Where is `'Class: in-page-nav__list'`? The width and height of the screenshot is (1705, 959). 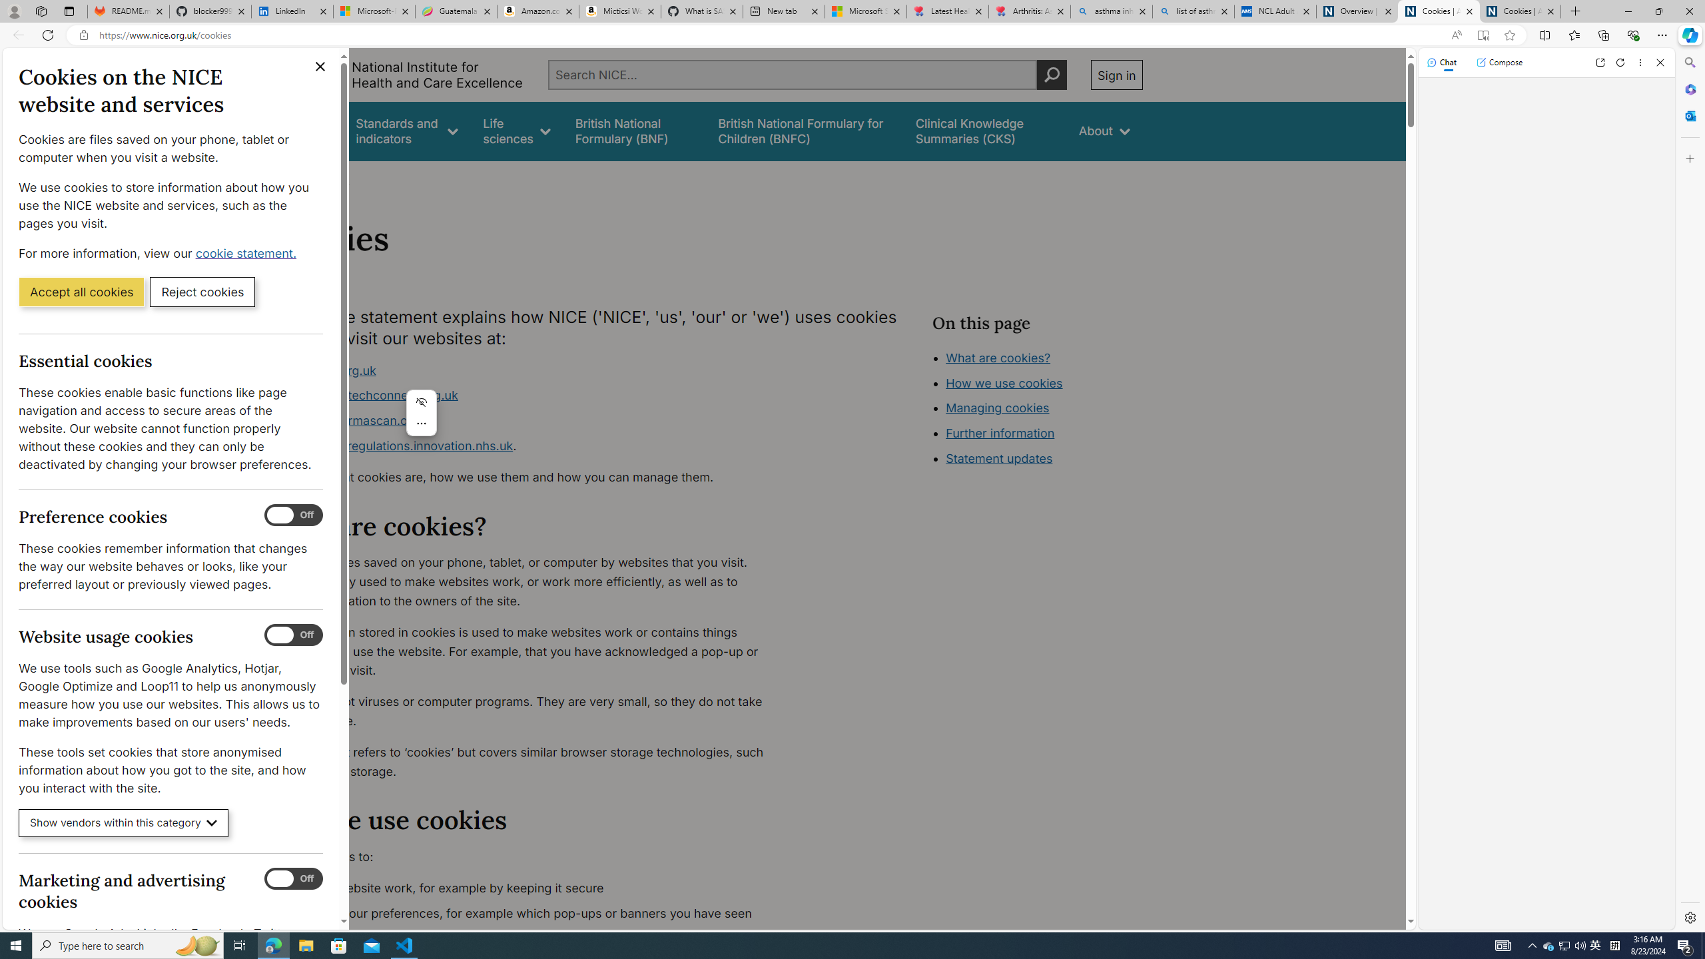 'Class: in-page-nav__list' is located at coordinates (1036, 409).